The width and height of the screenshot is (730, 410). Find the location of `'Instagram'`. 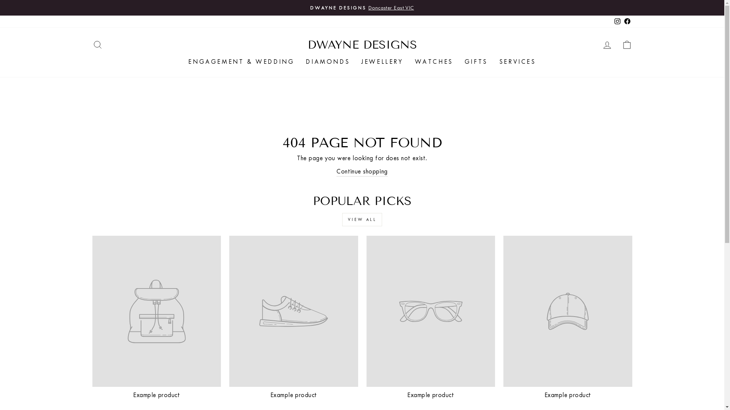

'Instagram' is located at coordinates (617, 21).